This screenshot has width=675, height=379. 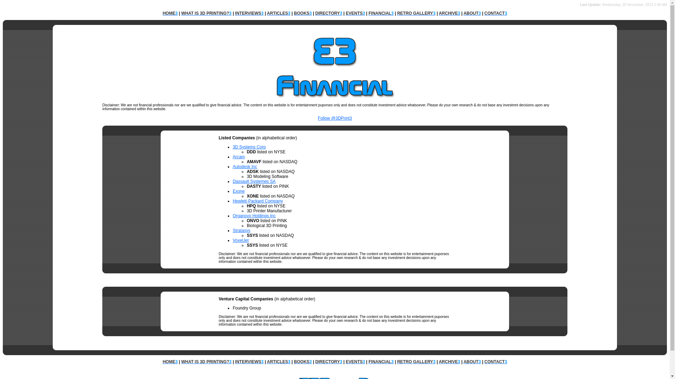 I want to click on 'ARCHIVE3', so click(x=449, y=13).